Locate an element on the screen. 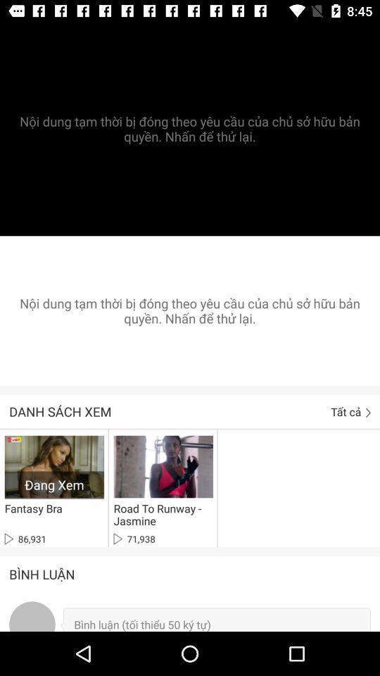  the item above the 71,938 item is located at coordinates (160, 514).